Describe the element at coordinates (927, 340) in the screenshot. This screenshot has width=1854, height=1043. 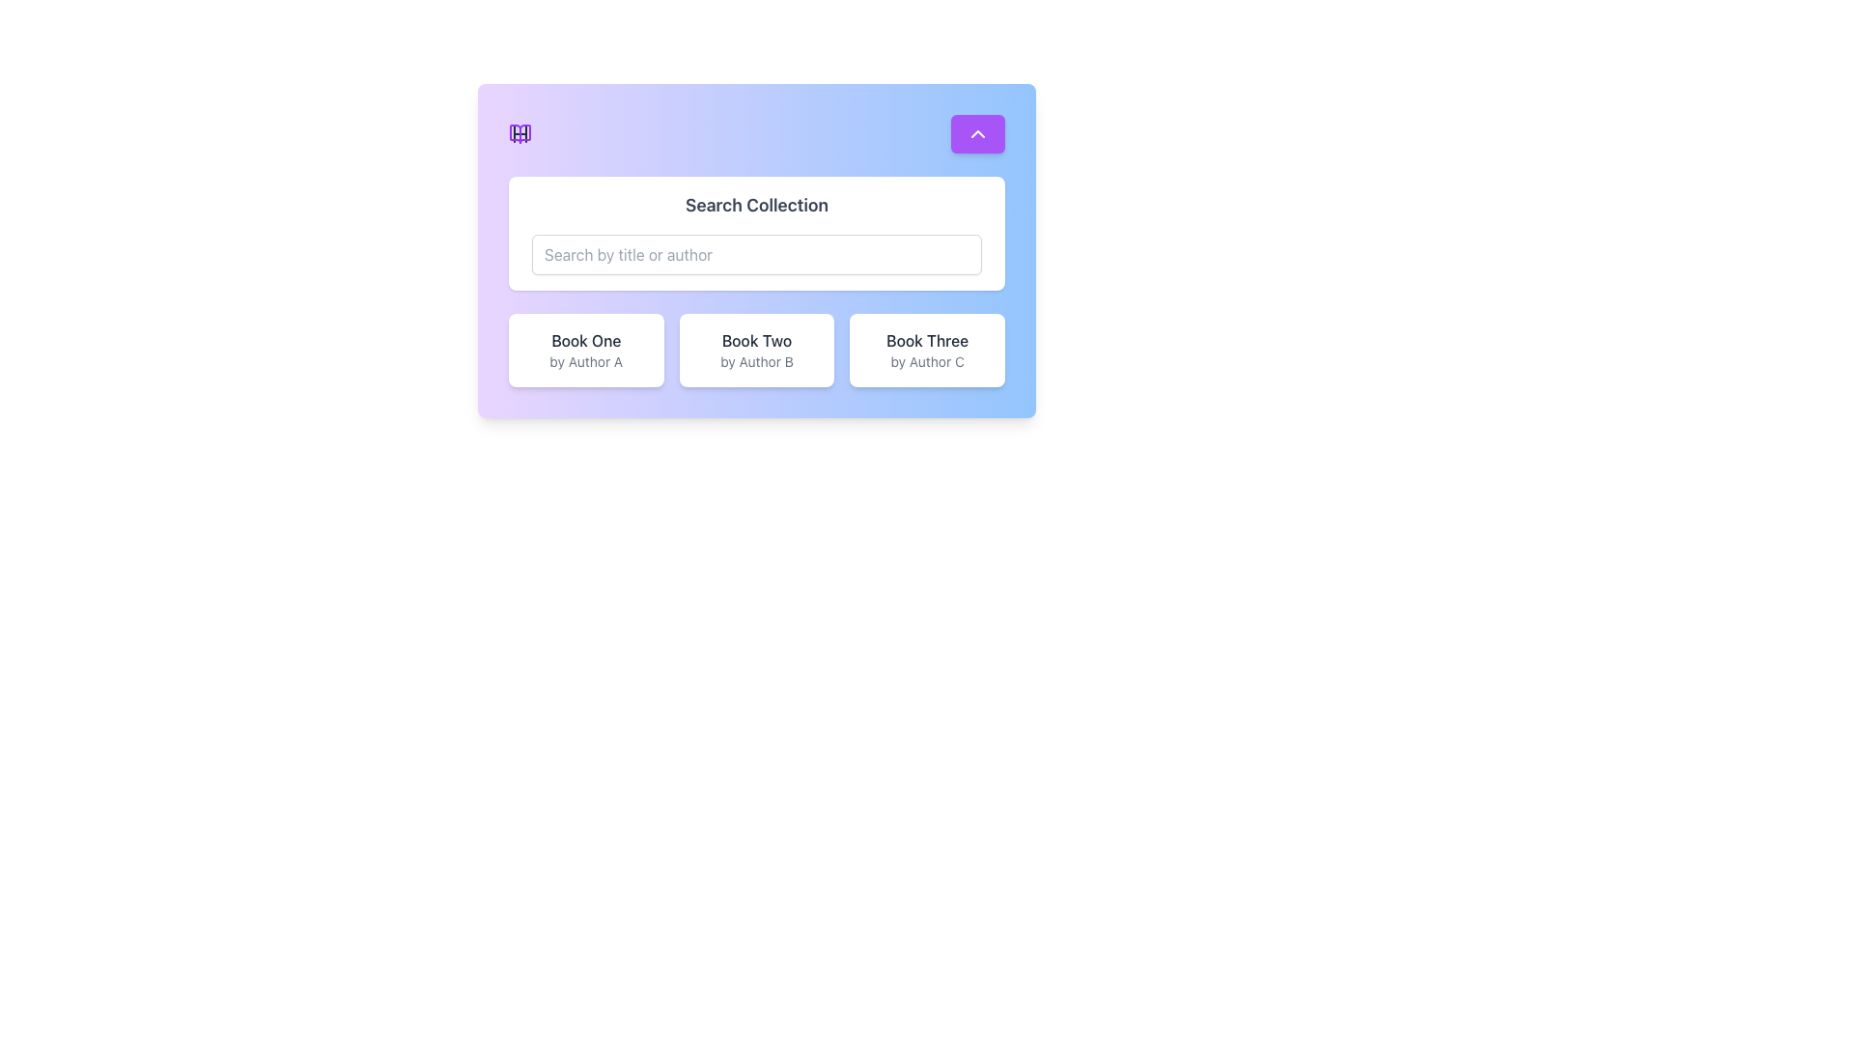
I see `the 'Book Three' text label, which is the primary heading in a white card with rounded corners, centrally aligned and styled in dark gray, located in the third position of the book cards under the 'Search Collection' bar` at that location.